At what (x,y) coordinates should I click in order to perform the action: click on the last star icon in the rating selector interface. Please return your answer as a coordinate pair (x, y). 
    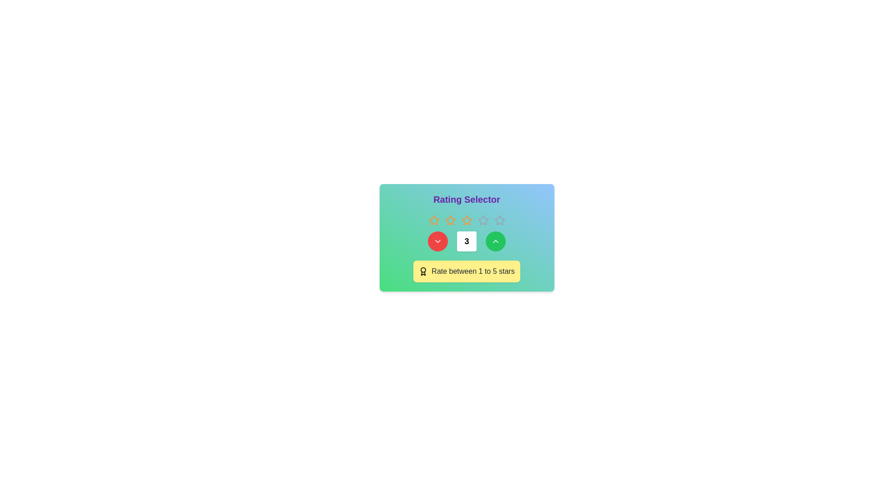
    Looking at the image, I should click on (499, 220).